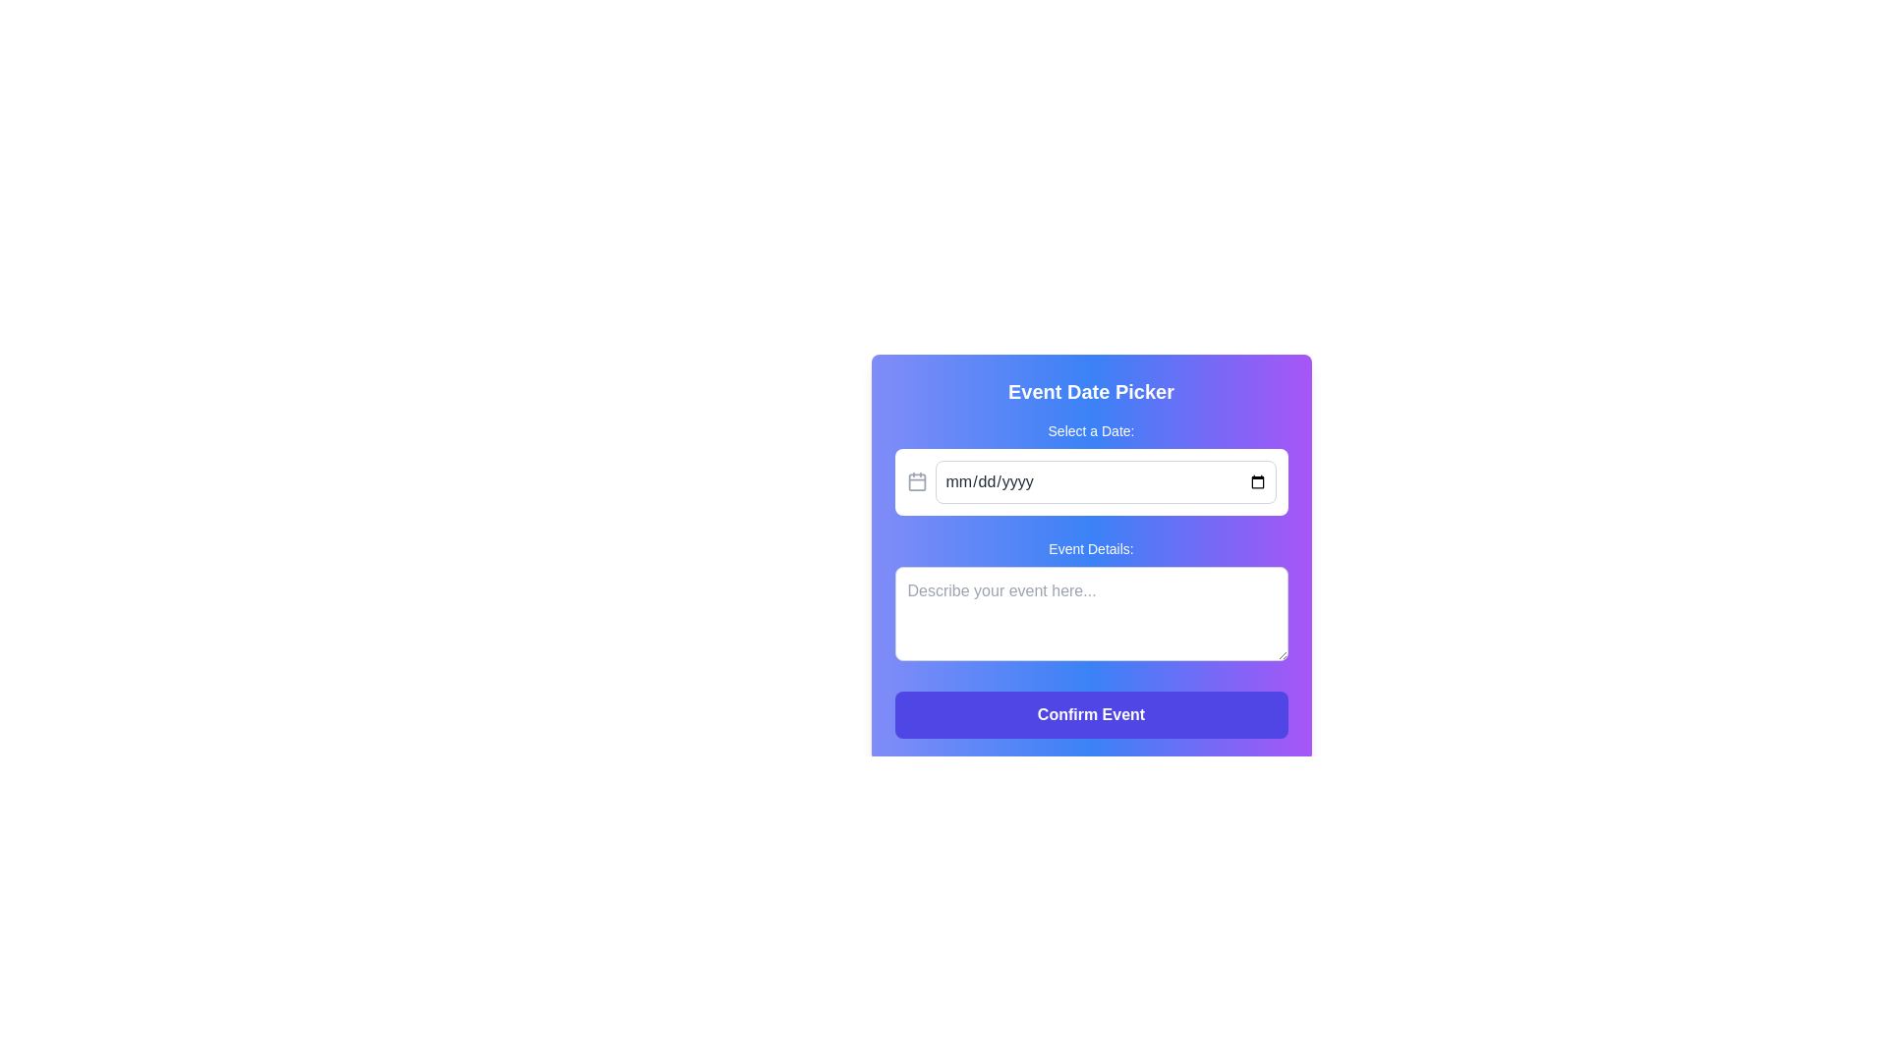 The width and height of the screenshot is (1887, 1061). What do you see at coordinates (916, 481) in the screenshot?
I see `the date-picker icon located before the 'mm/dd/yyyy' input field` at bounding box center [916, 481].